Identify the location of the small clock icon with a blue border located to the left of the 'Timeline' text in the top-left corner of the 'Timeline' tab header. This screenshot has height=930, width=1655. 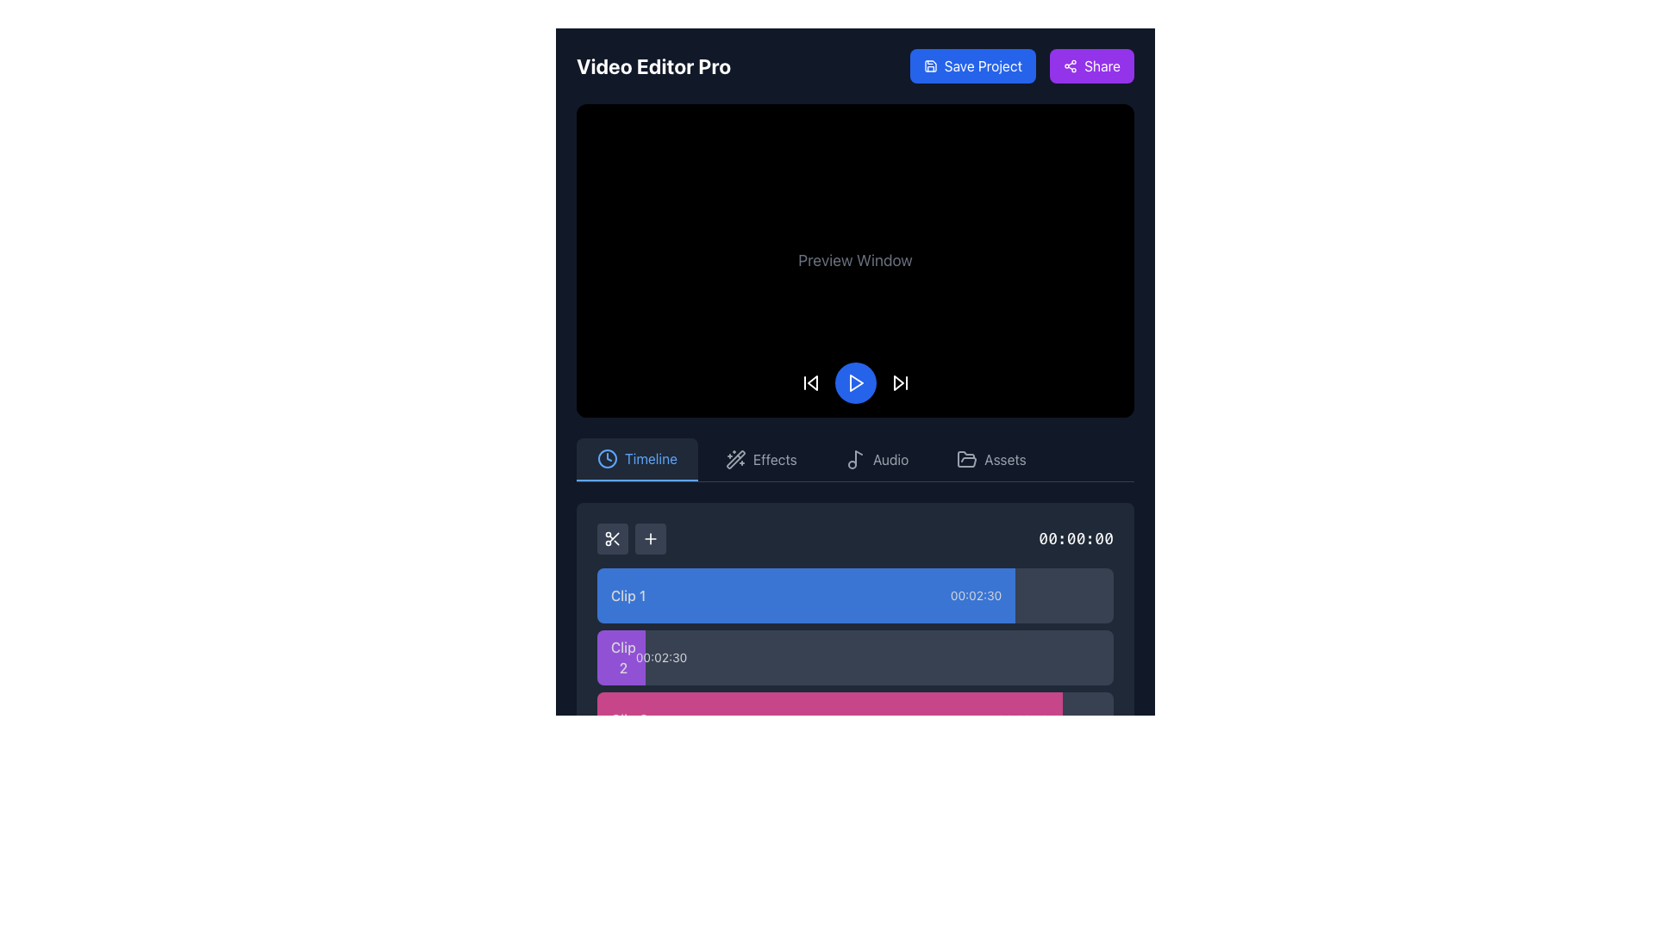
(608, 457).